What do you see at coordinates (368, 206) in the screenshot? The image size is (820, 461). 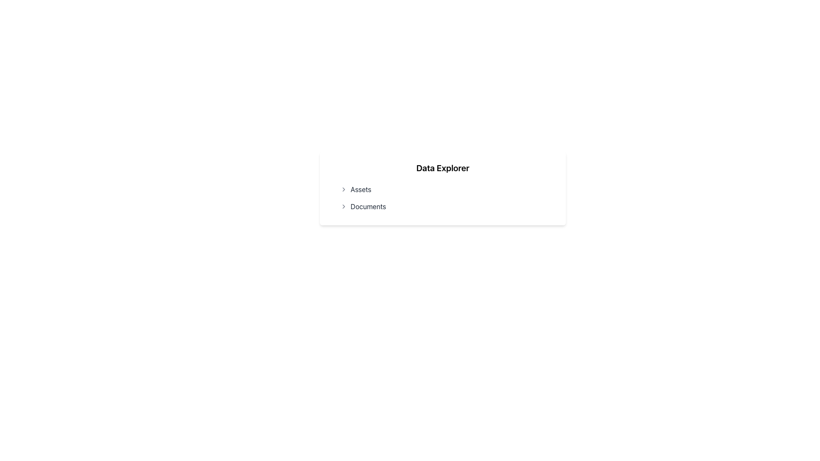 I see `the 'Documents' text label in the sidebar menu, which is displayed in dark gray and aligned with a chevron icon to its left` at bounding box center [368, 206].